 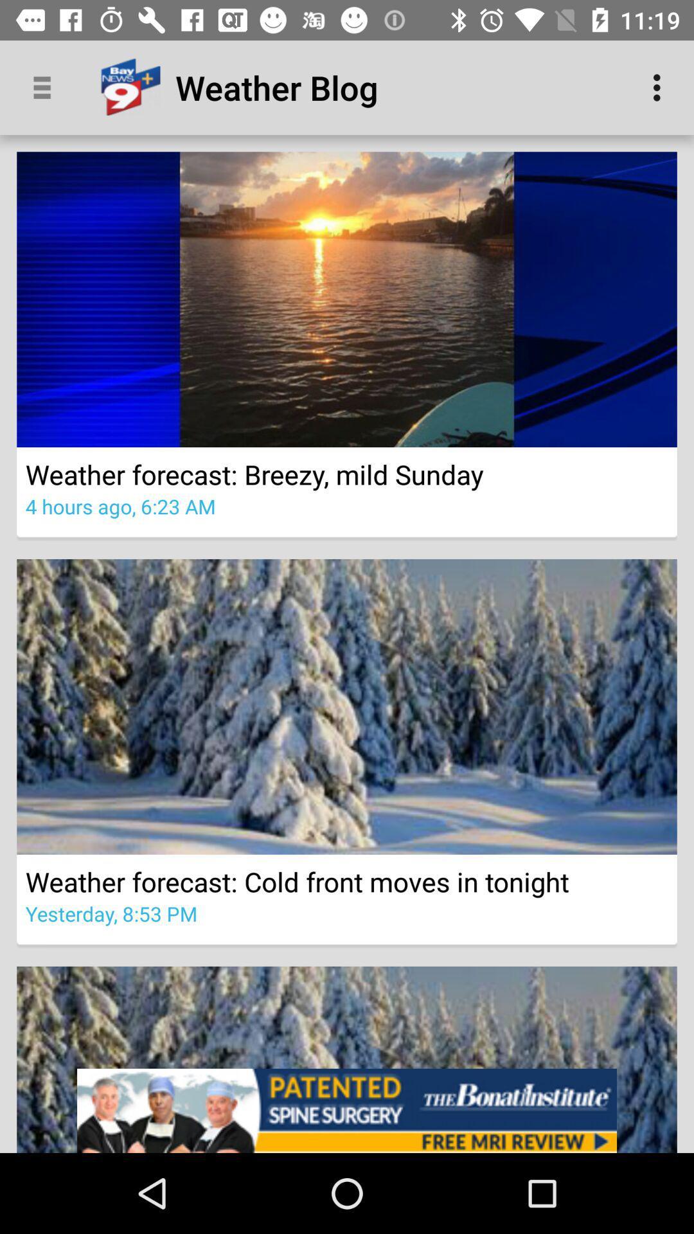 I want to click on advertisement banner, so click(x=347, y=1110).